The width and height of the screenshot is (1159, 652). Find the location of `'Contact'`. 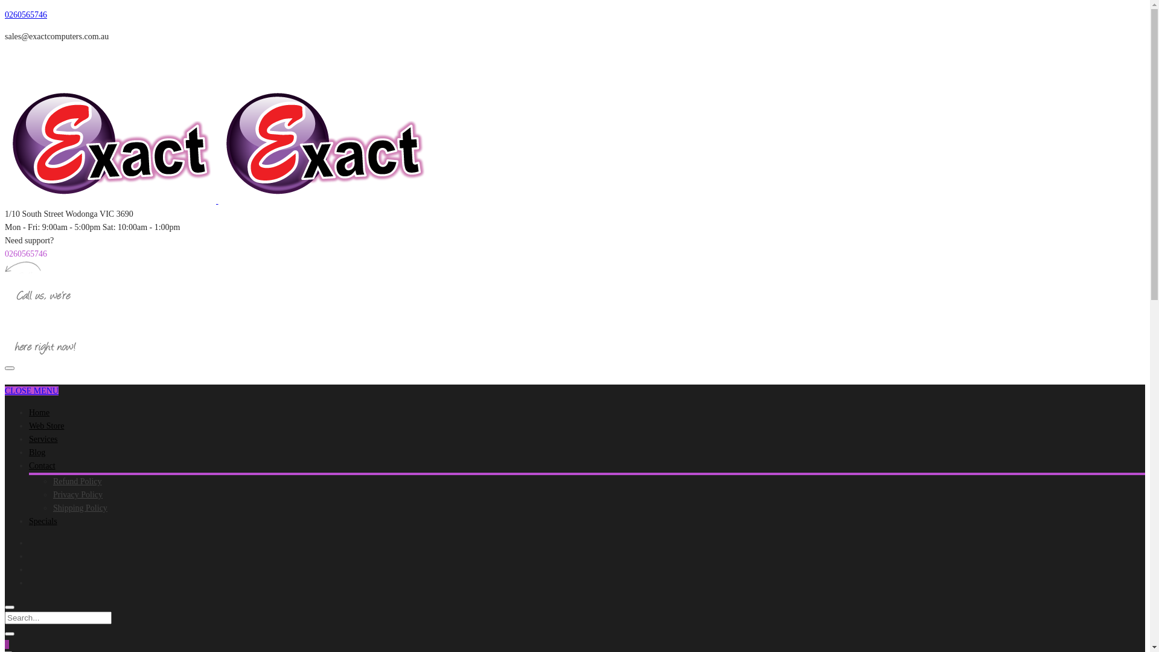

'Contact' is located at coordinates (42, 465).